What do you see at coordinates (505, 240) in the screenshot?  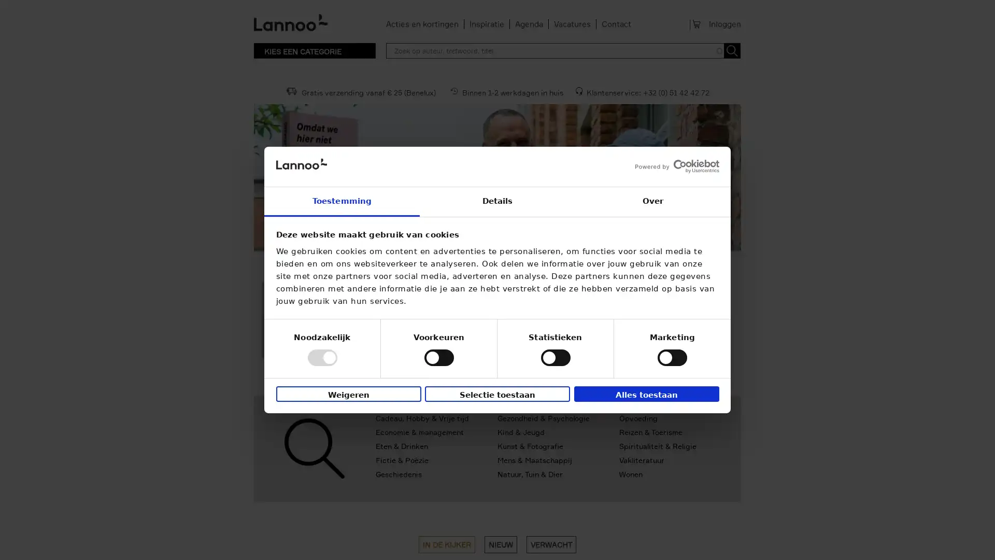 I see `3` at bounding box center [505, 240].